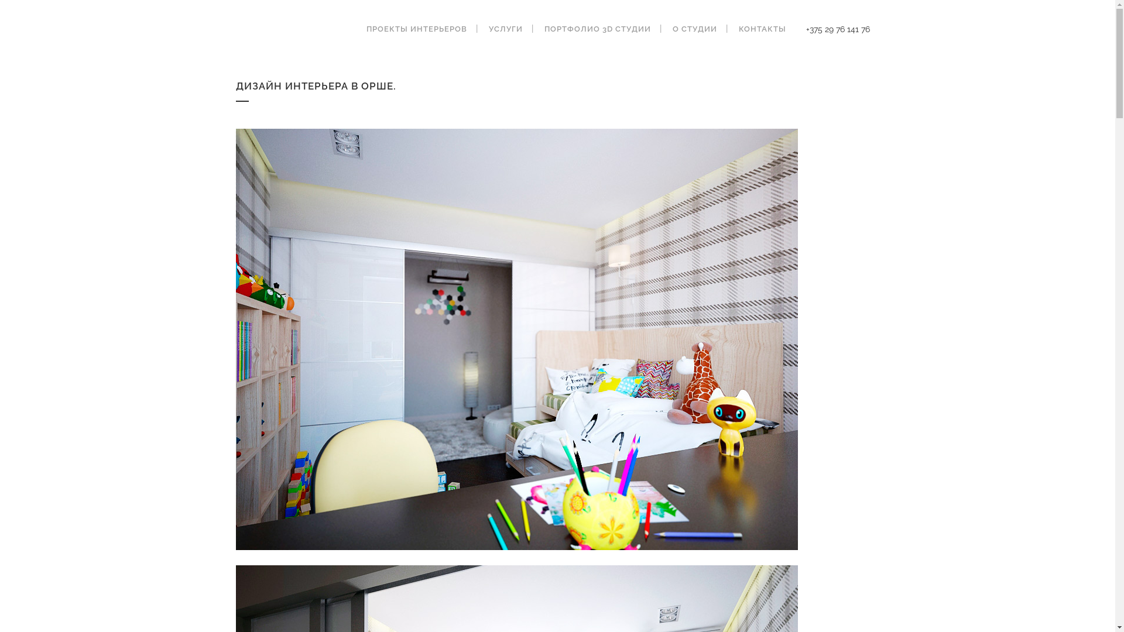  What do you see at coordinates (837, 29) in the screenshot?
I see `'+375 29 76 141 76'` at bounding box center [837, 29].